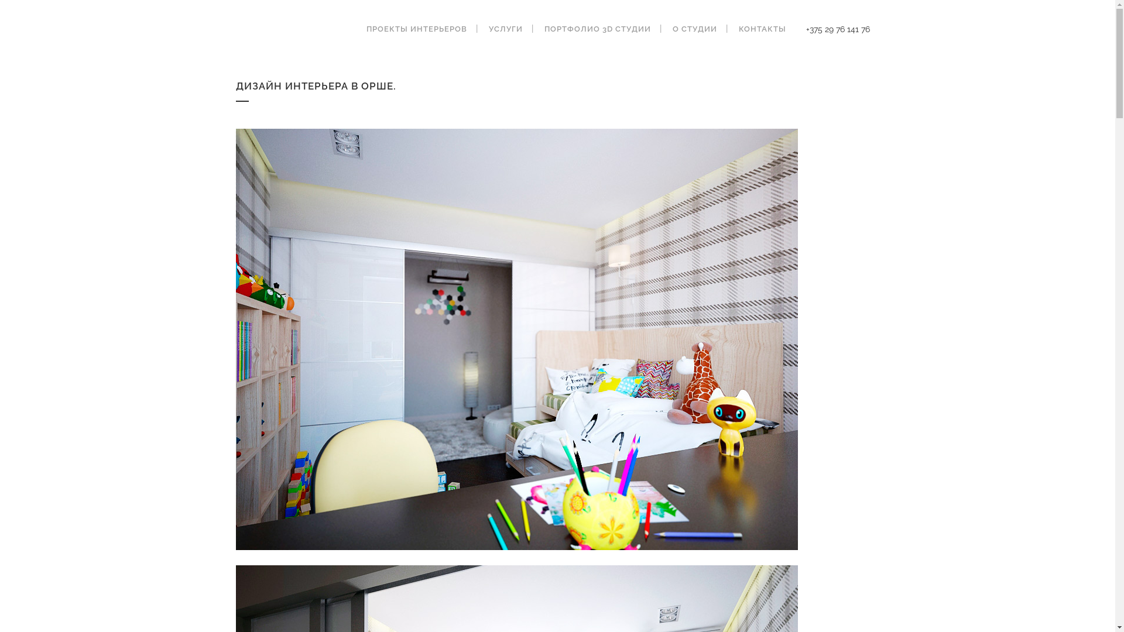  What do you see at coordinates (837, 29) in the screenshot?
I see `'+375 29 76 141 76'` at bounding box center [837, 29].